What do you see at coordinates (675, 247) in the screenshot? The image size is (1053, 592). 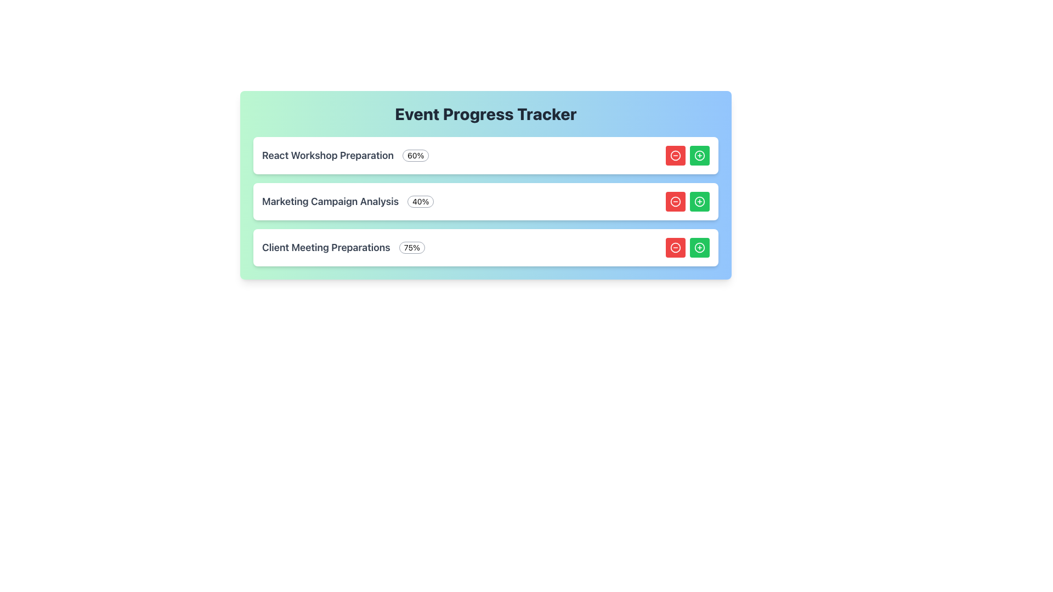 I see `the circular button for removing or decrementing the progress related to 'Client Meeting Preparations', located in the third row of the vertical list` at bounding box center [675, 247].